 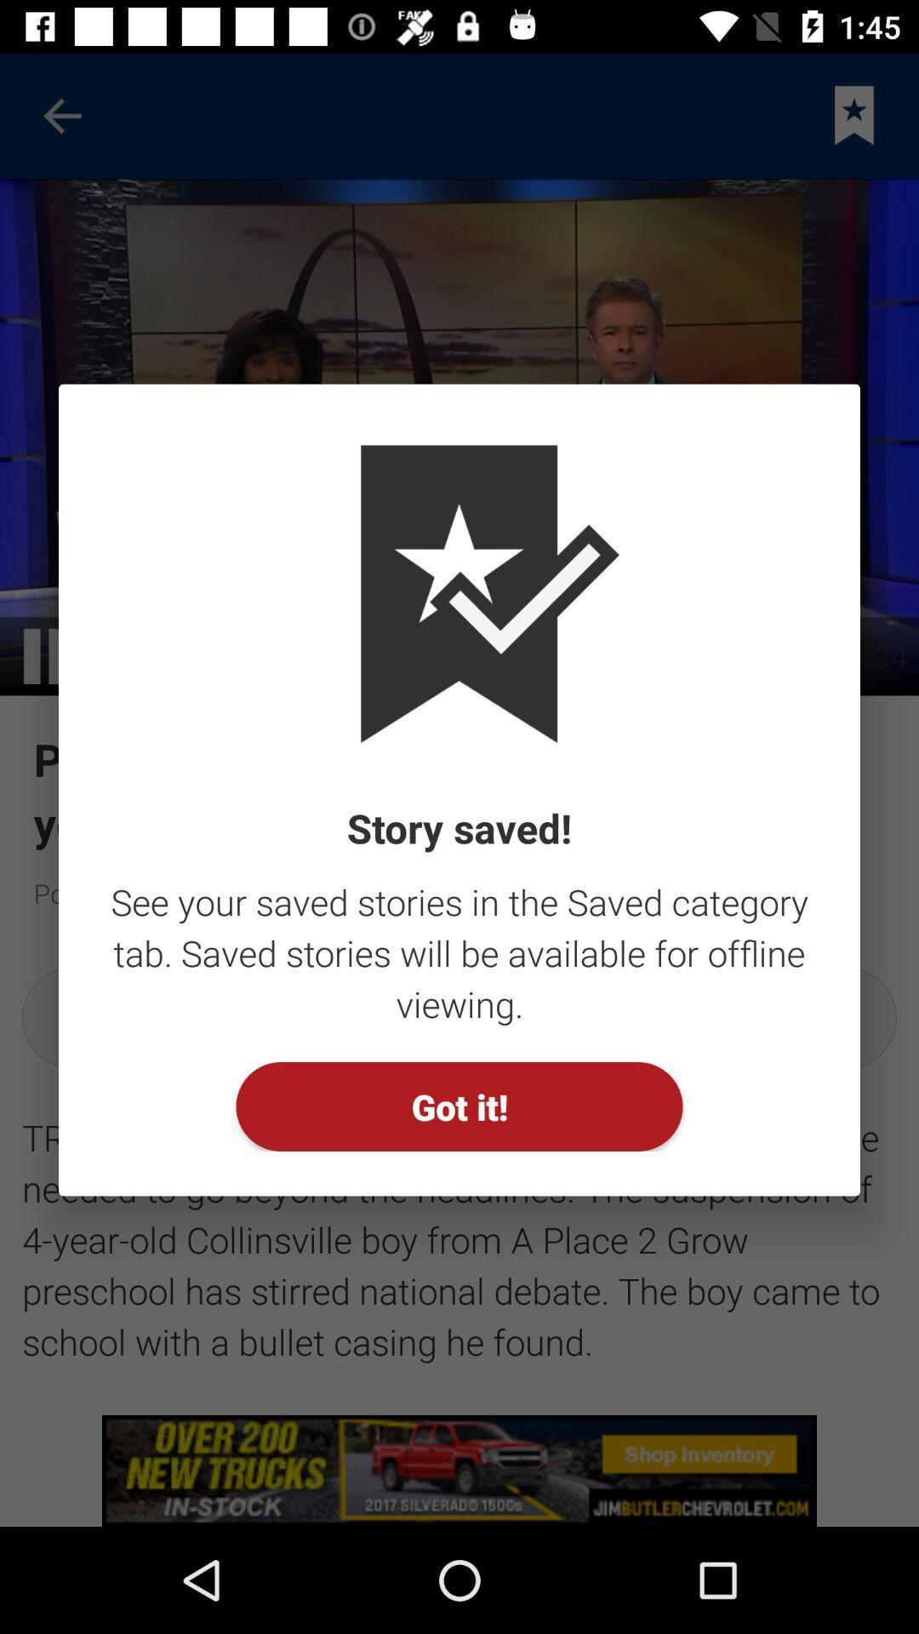 I want to click on app below the see your saved icon, so click(x=459, y=1106).